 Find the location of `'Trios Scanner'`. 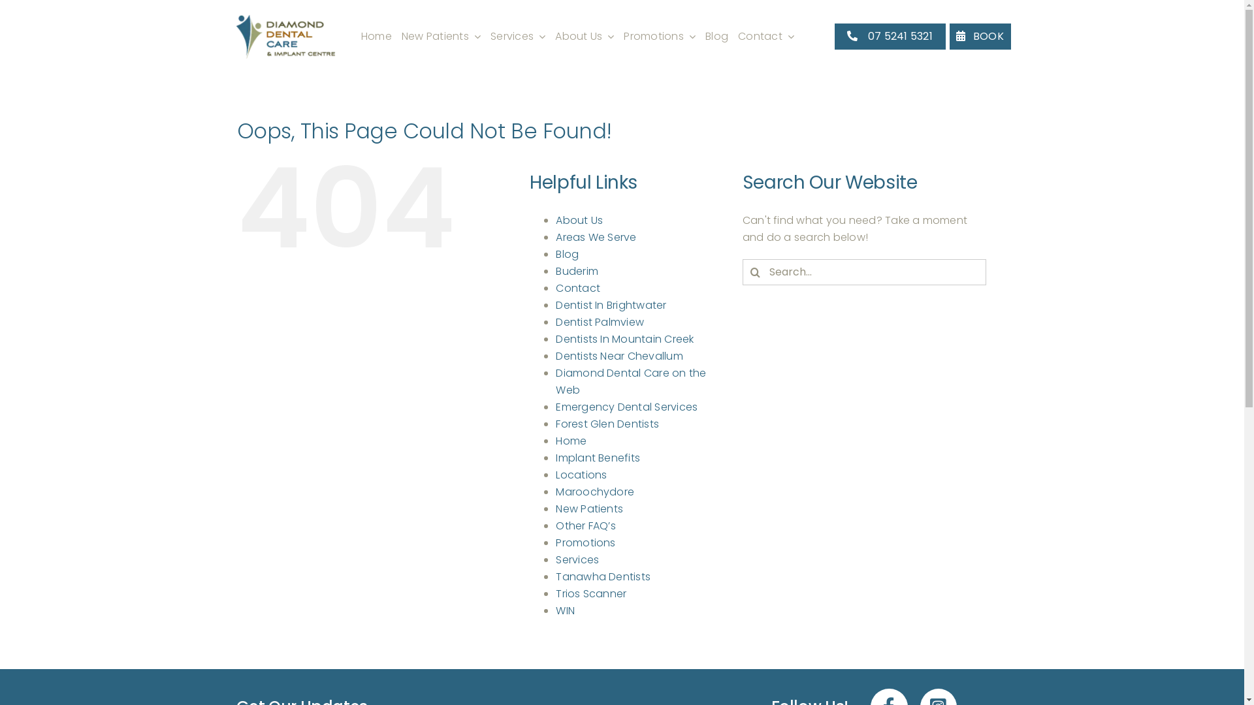

'Trios Scanner' is located at coordinates (590, 593).